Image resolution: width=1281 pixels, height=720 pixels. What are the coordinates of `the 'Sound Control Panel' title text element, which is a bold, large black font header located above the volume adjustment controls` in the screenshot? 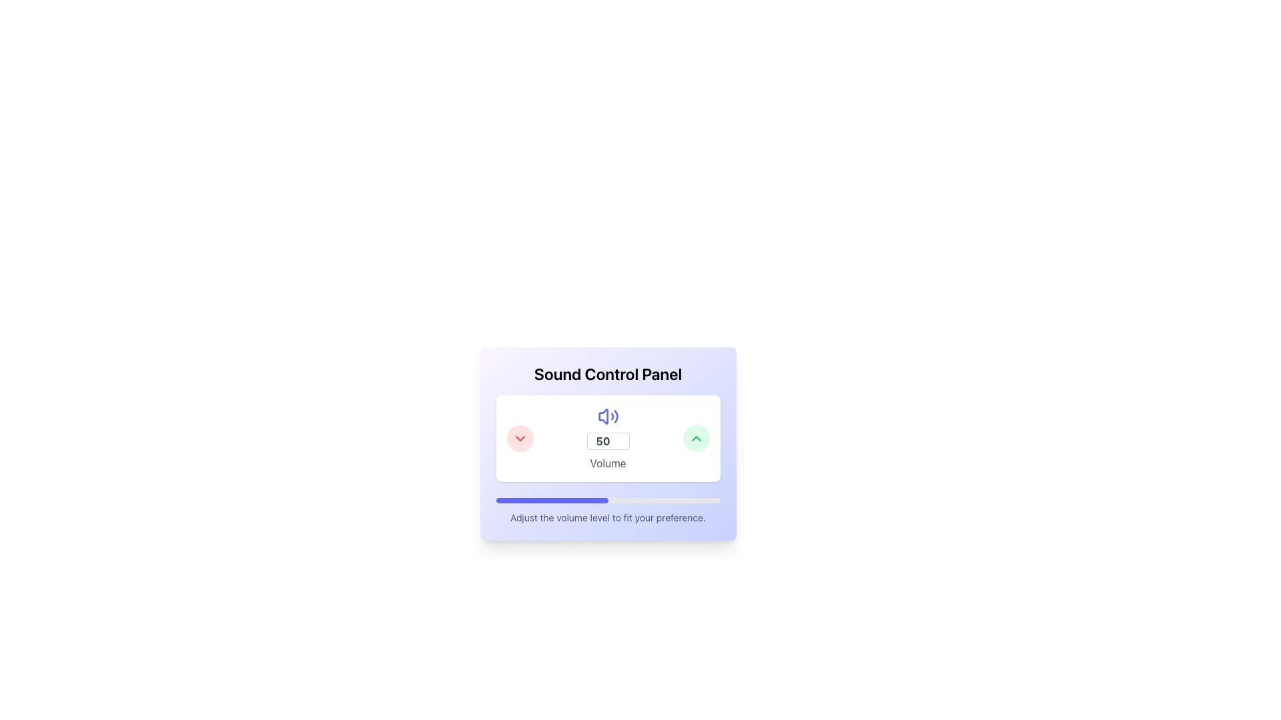 It's located at (607, 373).